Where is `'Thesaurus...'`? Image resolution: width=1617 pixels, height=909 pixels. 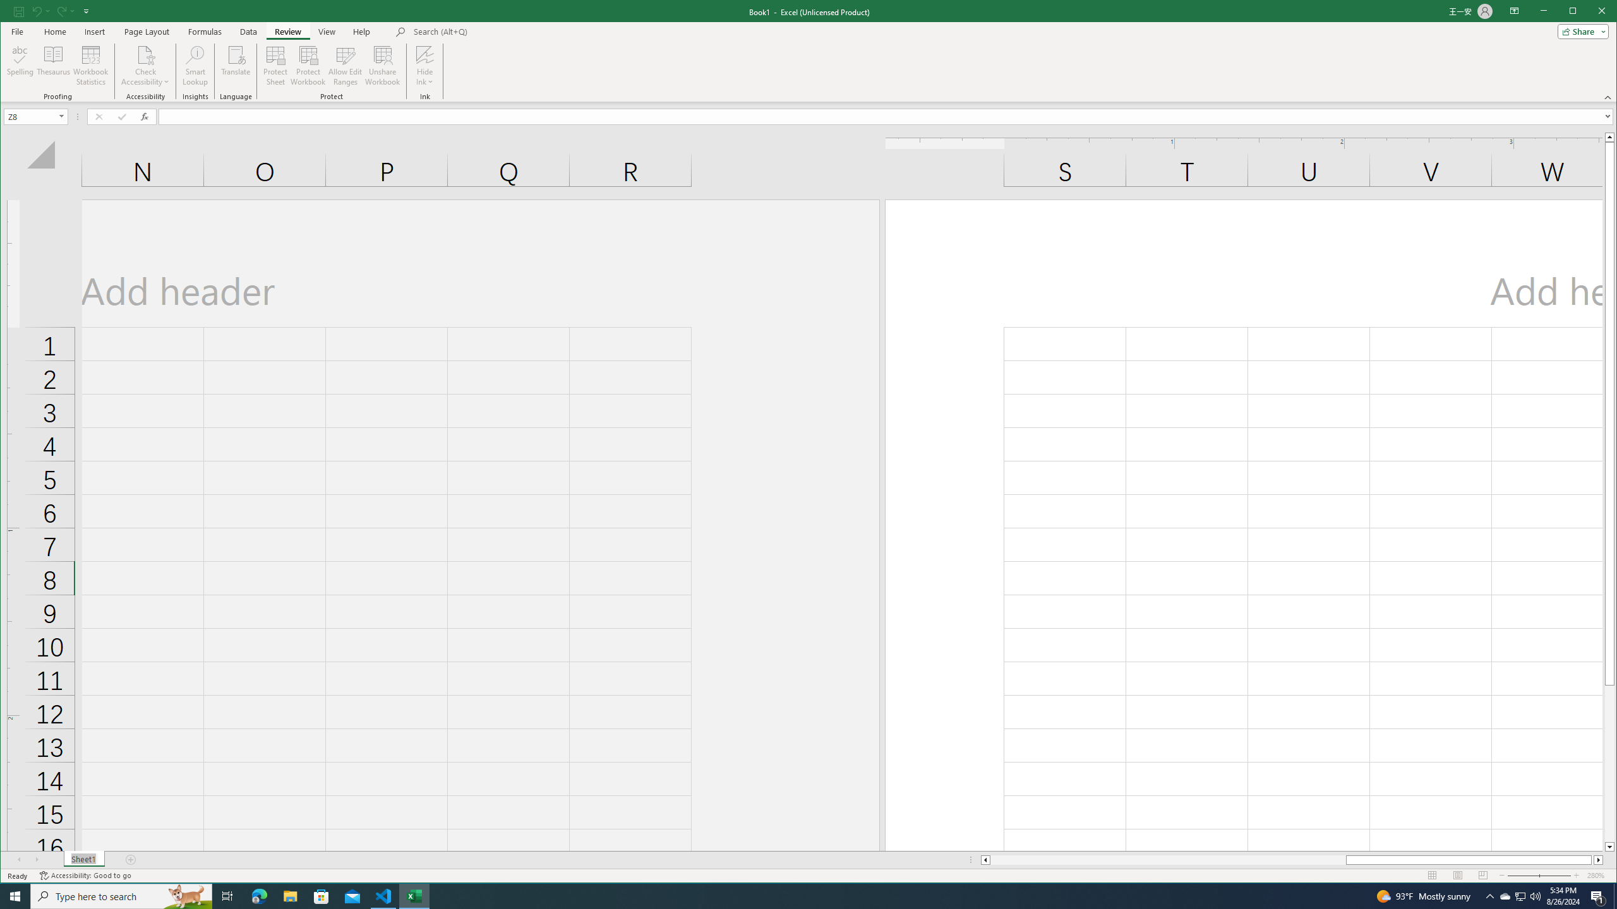
'Thesaurus...' is located at coordinates (54, 65).